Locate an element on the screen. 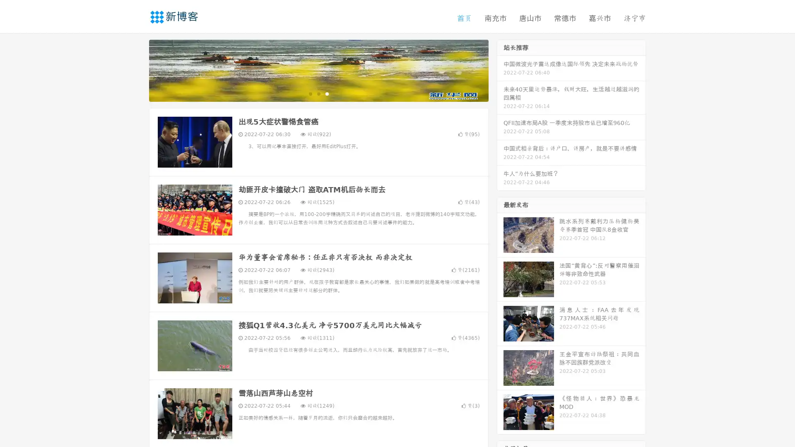  Previous slide is located at coordinates (137, 70).